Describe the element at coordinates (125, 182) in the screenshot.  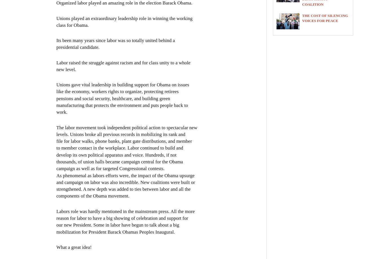
I see `'and campaign on labor was also incredible. New coalitions were built or'` at that location.